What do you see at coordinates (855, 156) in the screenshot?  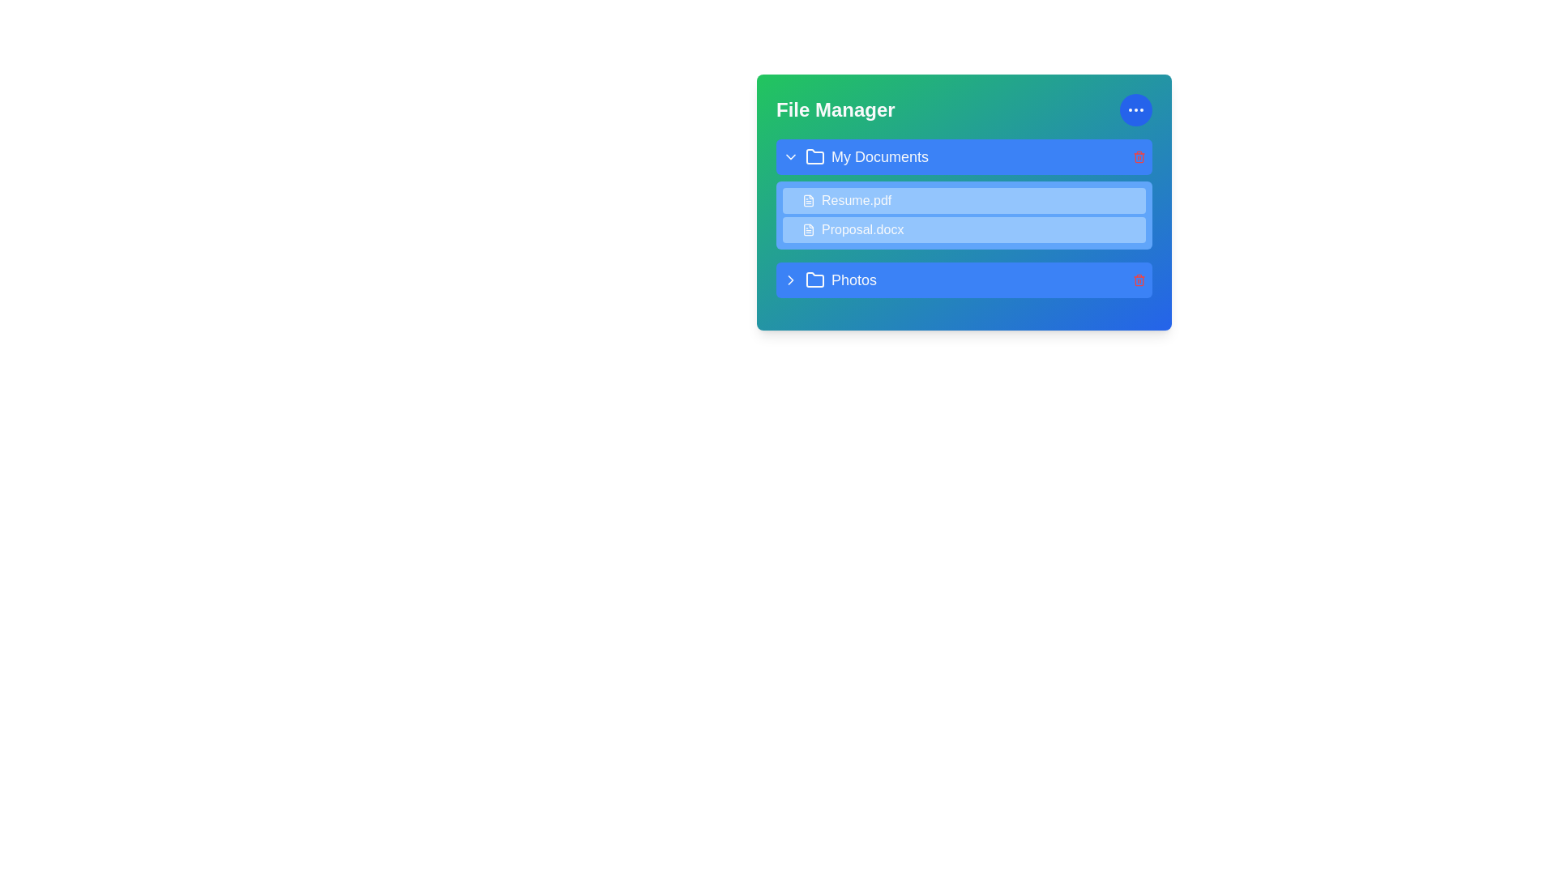 I see `the label for the folder named 'My Documents', which is the first visible option in the list of the file manager's main panel` at bounding box center [855, 156].